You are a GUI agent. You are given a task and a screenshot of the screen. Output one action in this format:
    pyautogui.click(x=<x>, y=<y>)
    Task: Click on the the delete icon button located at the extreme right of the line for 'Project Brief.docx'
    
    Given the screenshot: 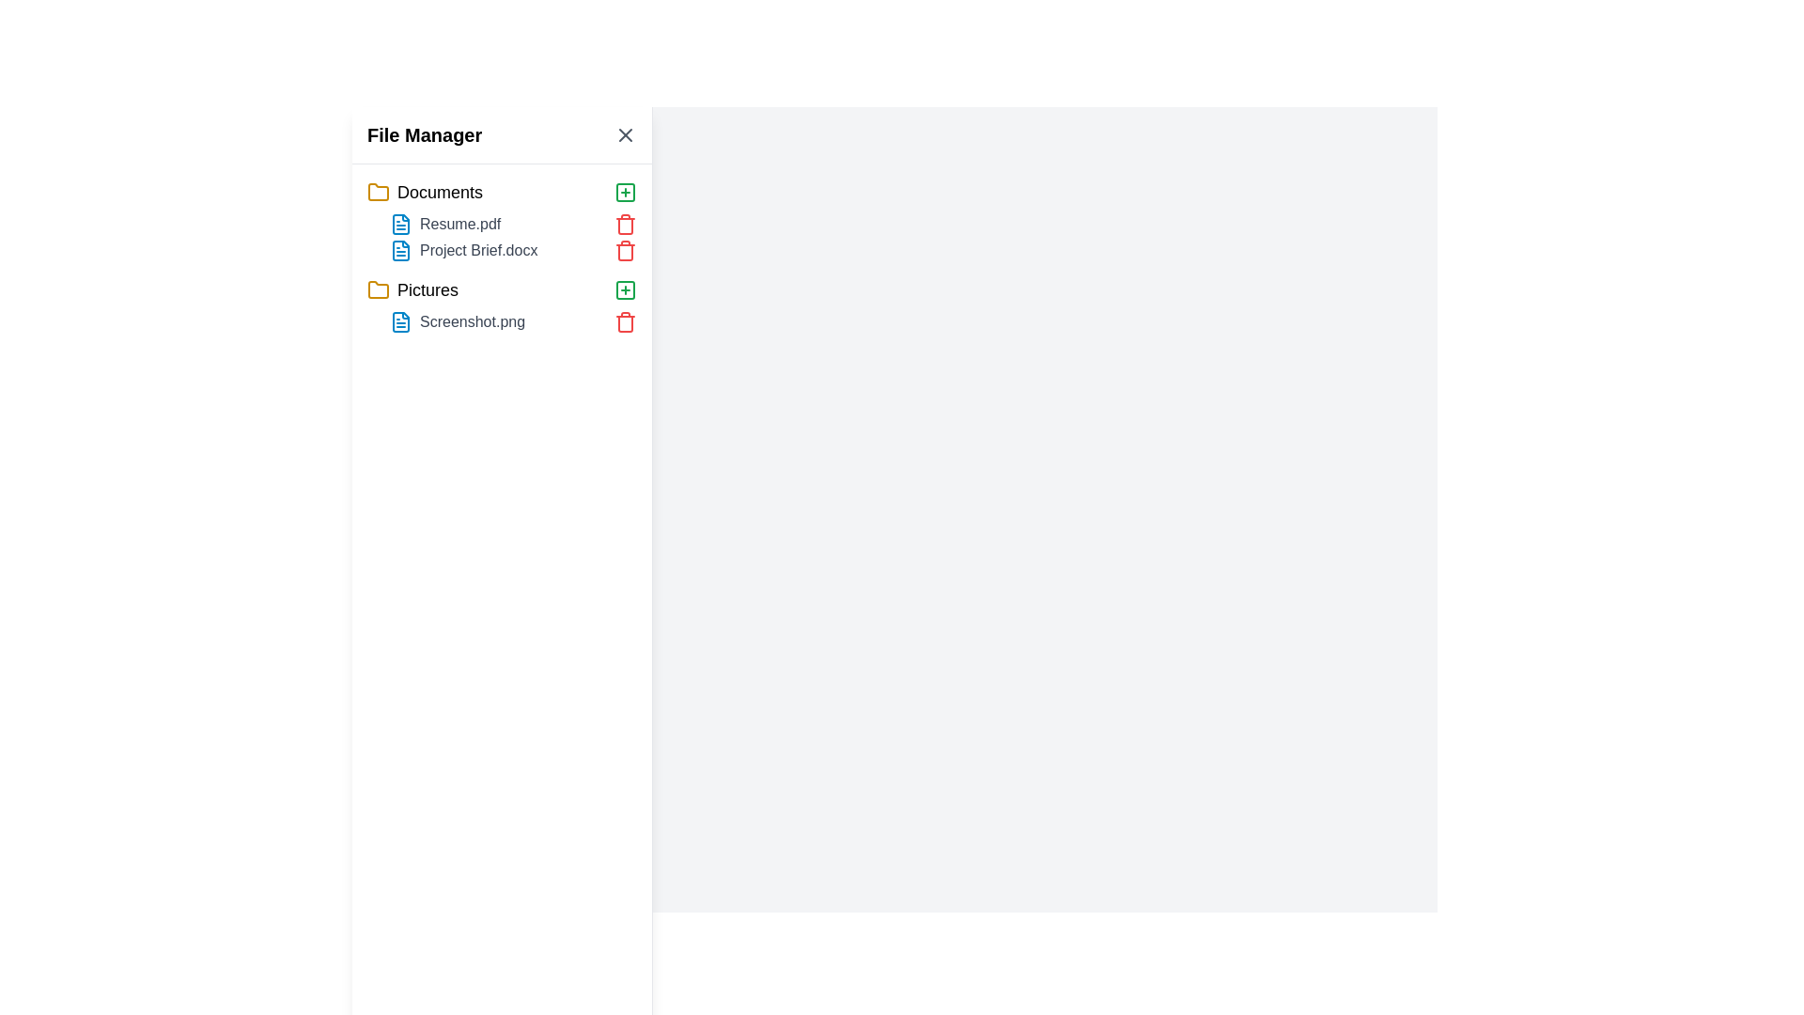 What is the action you would take?
    pyautogui.click(x=626, y=249)
    